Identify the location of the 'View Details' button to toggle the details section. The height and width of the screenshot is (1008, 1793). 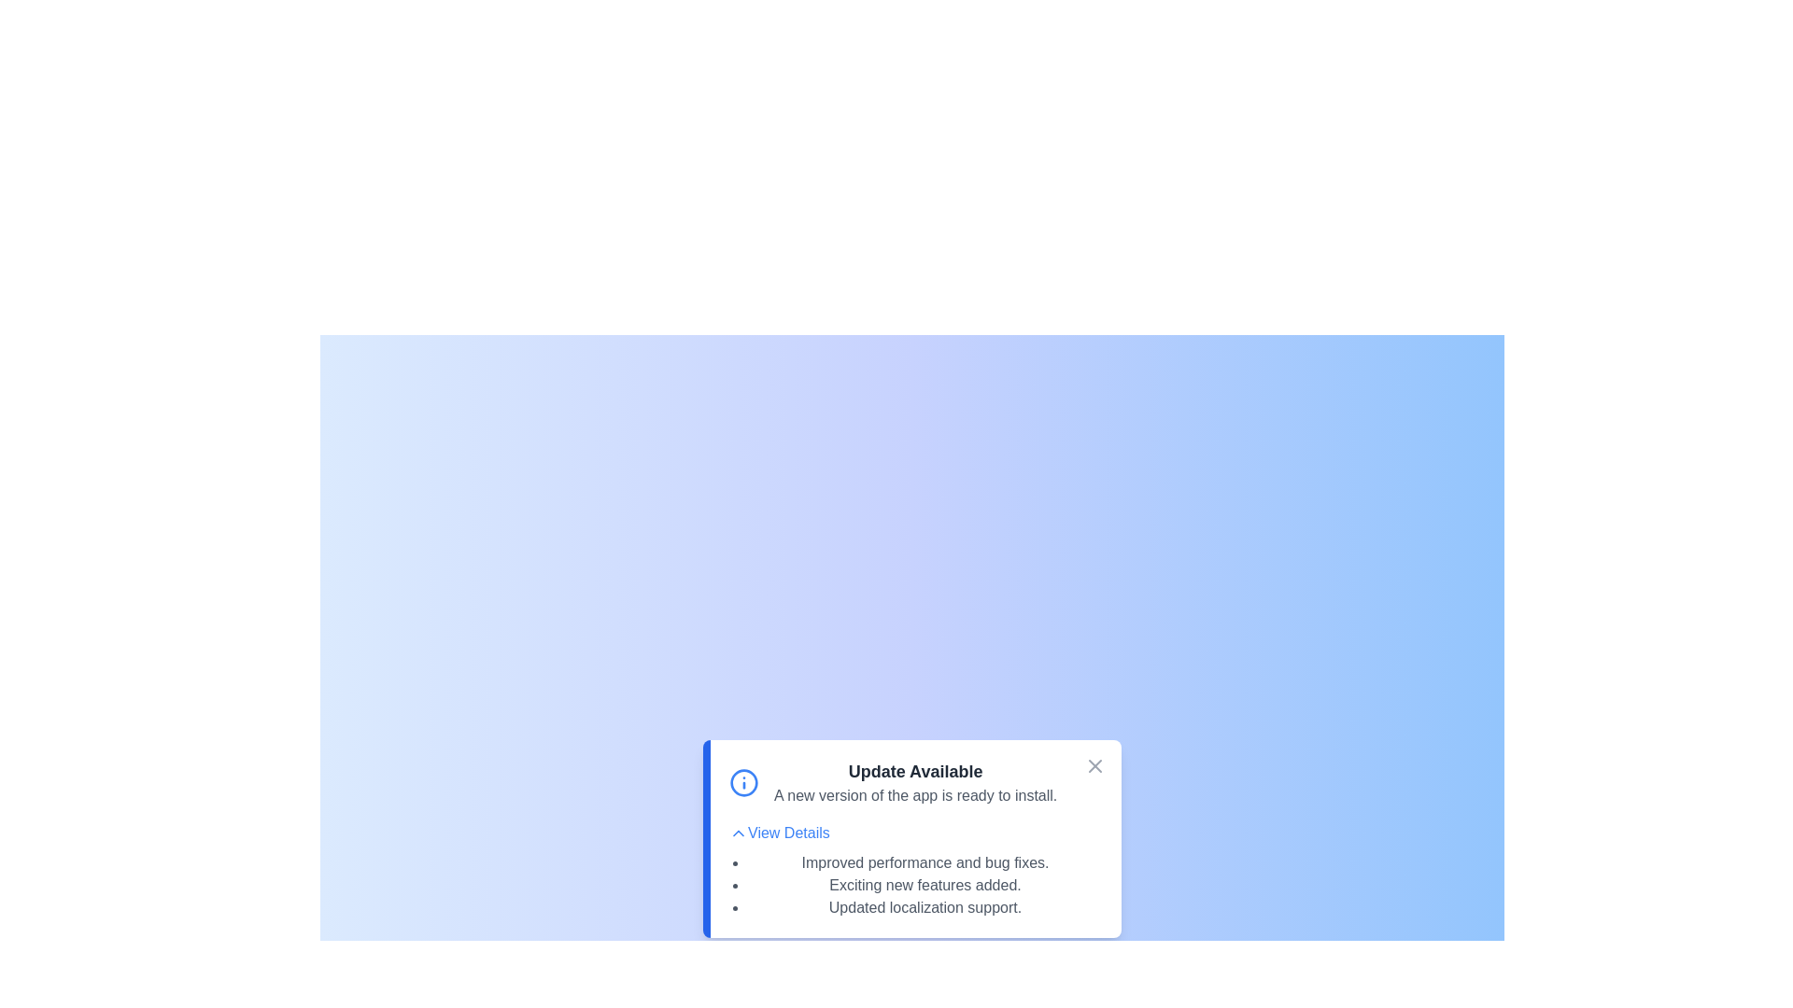
(779, 833).